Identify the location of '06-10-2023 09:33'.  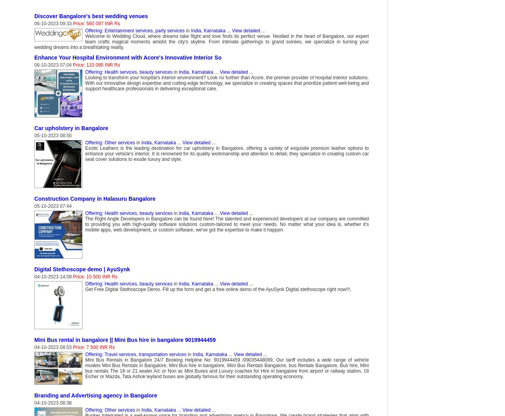
(53, 23).